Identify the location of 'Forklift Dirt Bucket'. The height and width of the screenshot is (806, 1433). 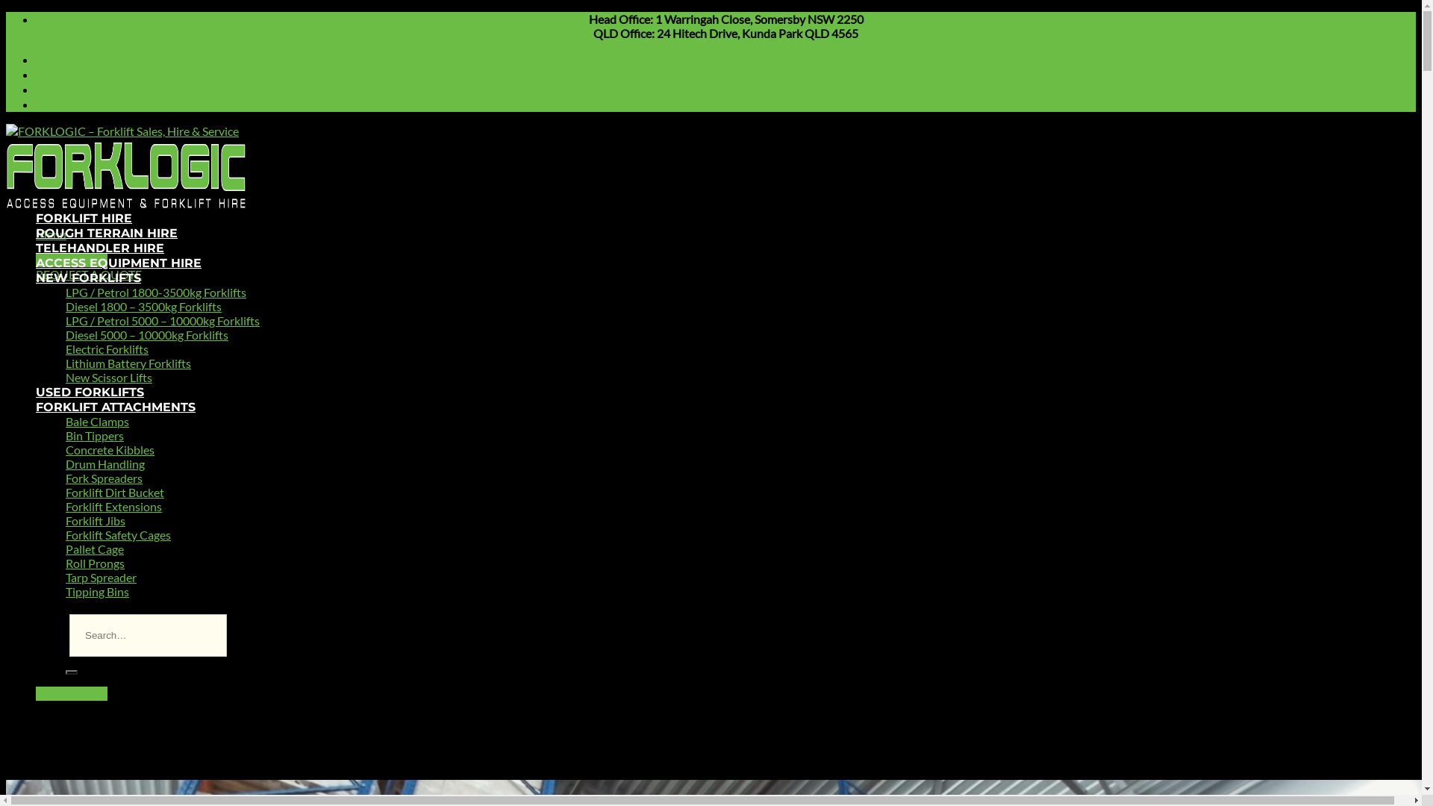
(113, 492).